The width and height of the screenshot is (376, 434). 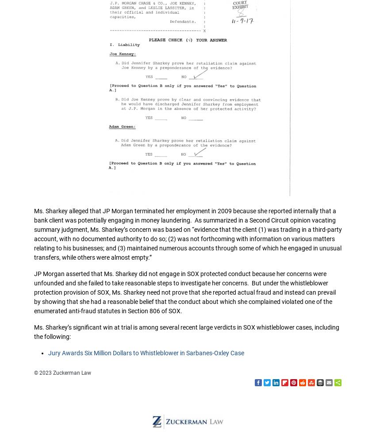 I want to click on 'Litigation', so click(x=174, y=119).